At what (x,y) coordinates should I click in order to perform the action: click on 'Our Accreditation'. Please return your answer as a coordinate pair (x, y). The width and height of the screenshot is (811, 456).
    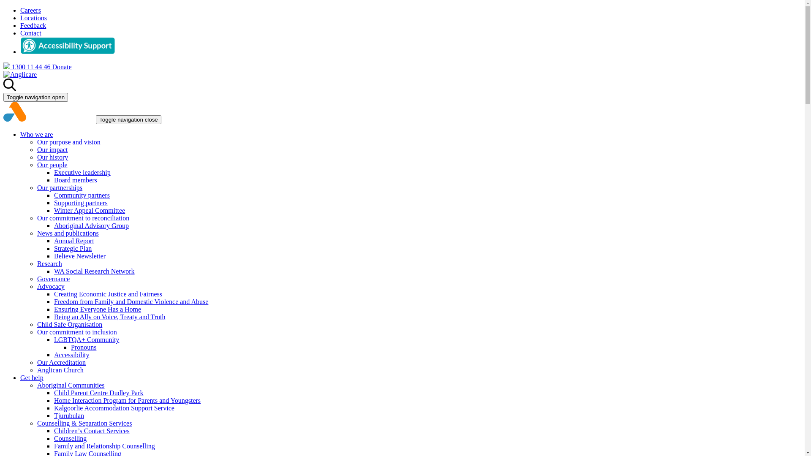
    Looking at the image, I should click on (61, 362).